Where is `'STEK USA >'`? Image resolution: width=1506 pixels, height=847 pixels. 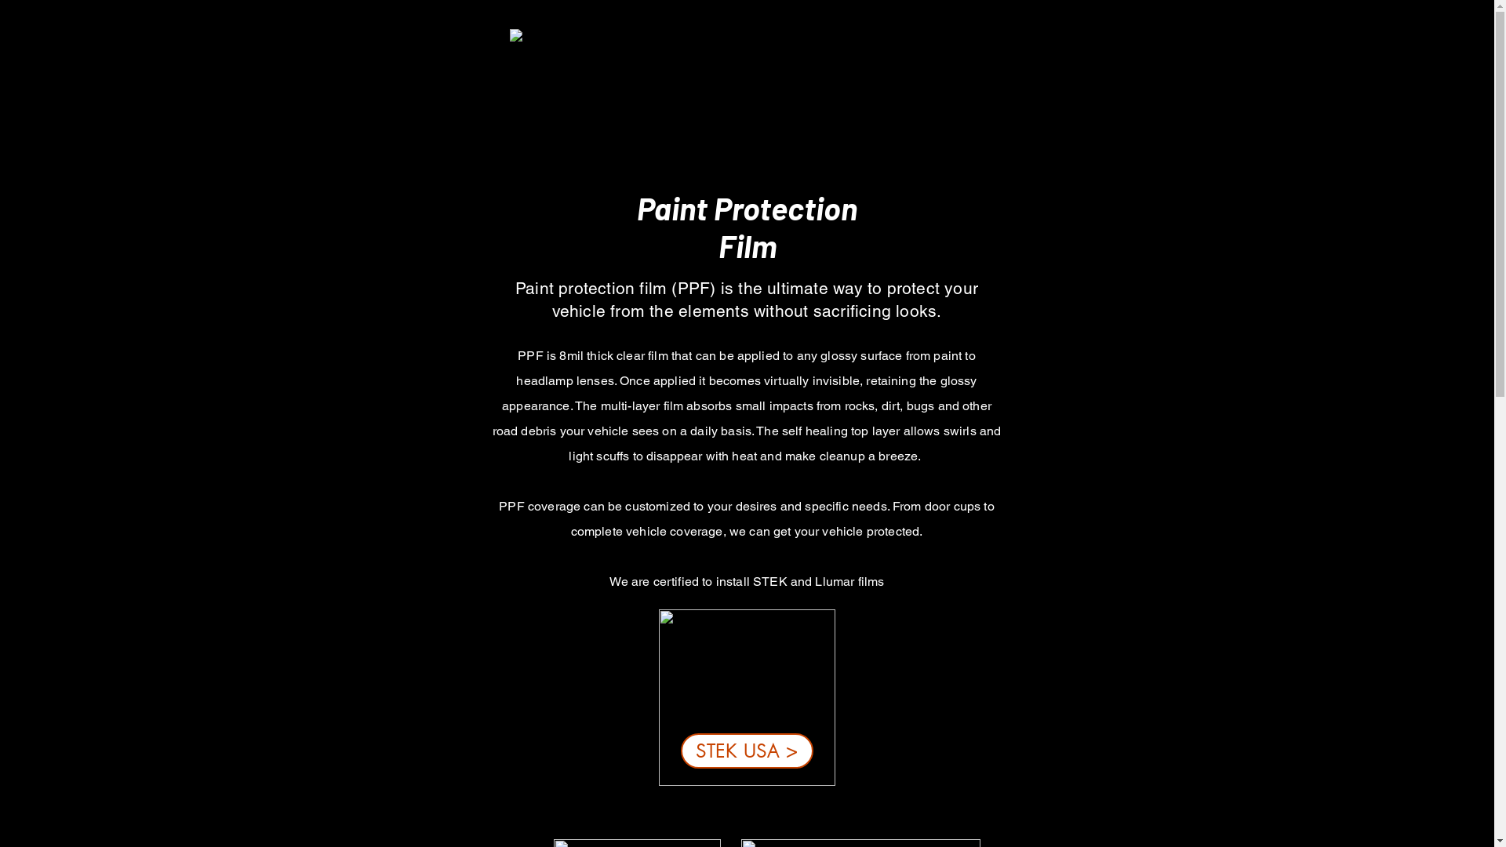
'STEK USA >' is located at coordinates (746, 750).